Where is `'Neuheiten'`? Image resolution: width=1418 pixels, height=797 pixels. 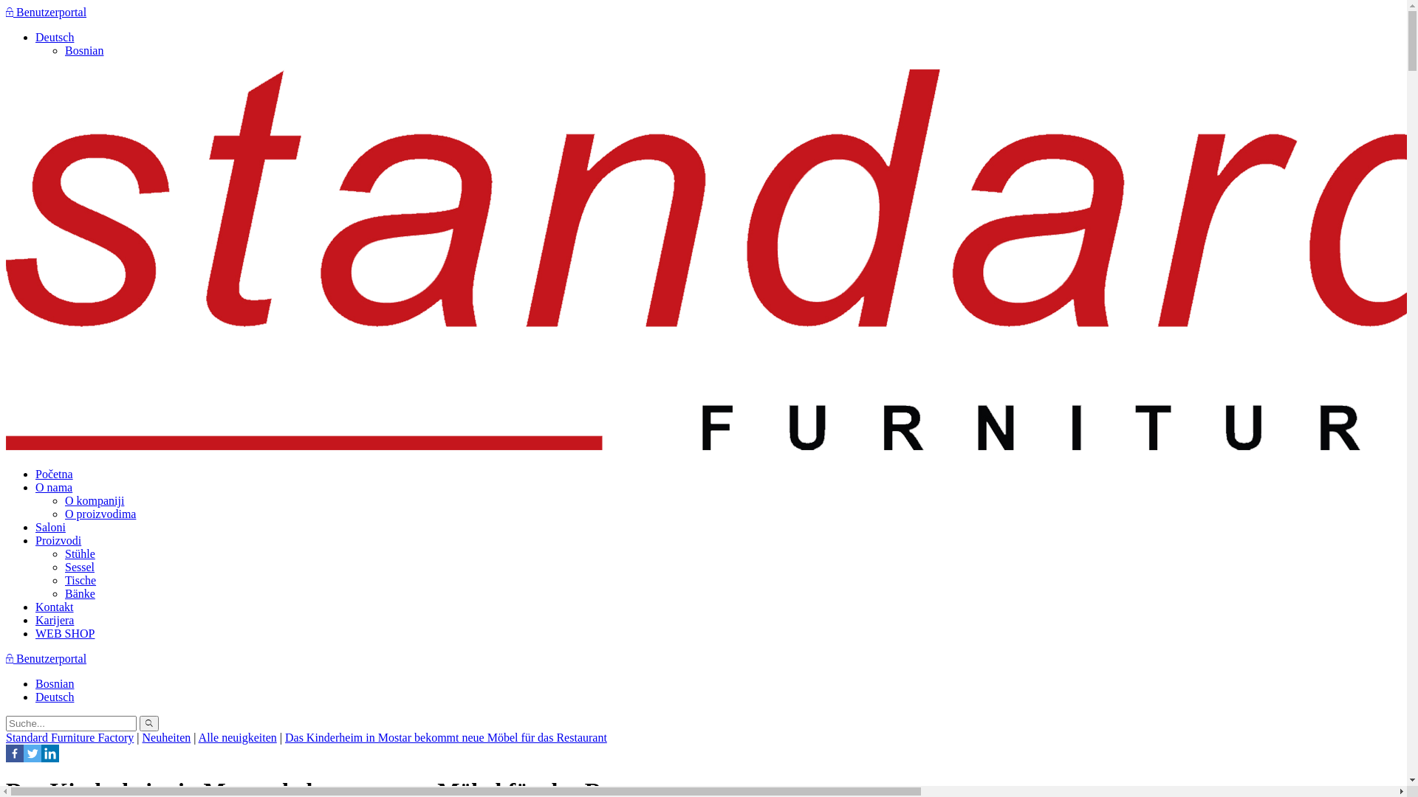 'Neuheiten' is located at coordinates (166, 737).